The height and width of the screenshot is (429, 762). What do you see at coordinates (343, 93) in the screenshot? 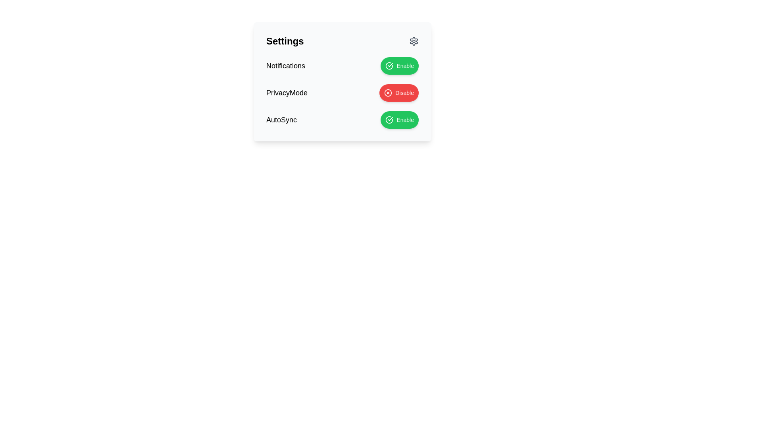
I see `the 'Disable' button in the second list item` at bounding box center [343, 93].